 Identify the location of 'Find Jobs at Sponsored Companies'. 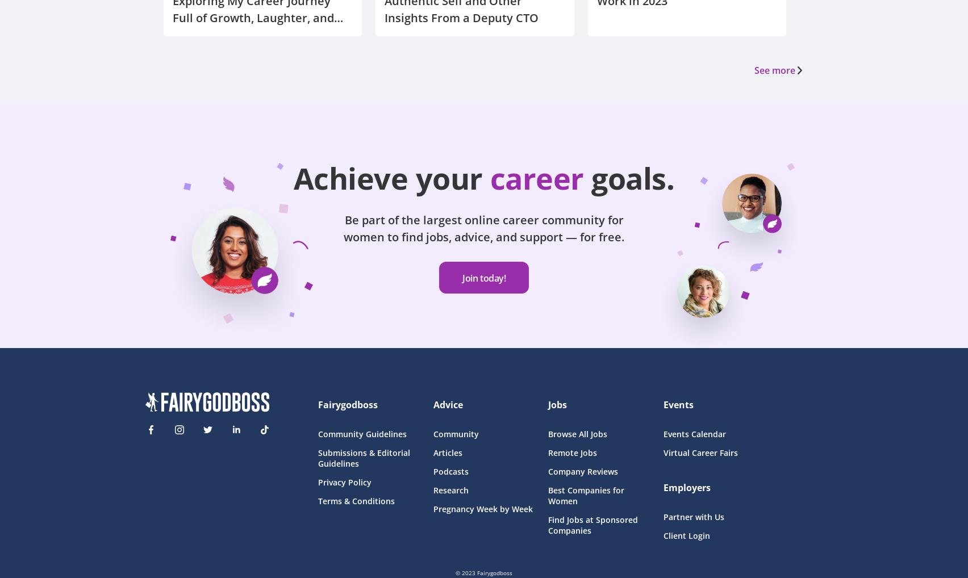
(548, 524).